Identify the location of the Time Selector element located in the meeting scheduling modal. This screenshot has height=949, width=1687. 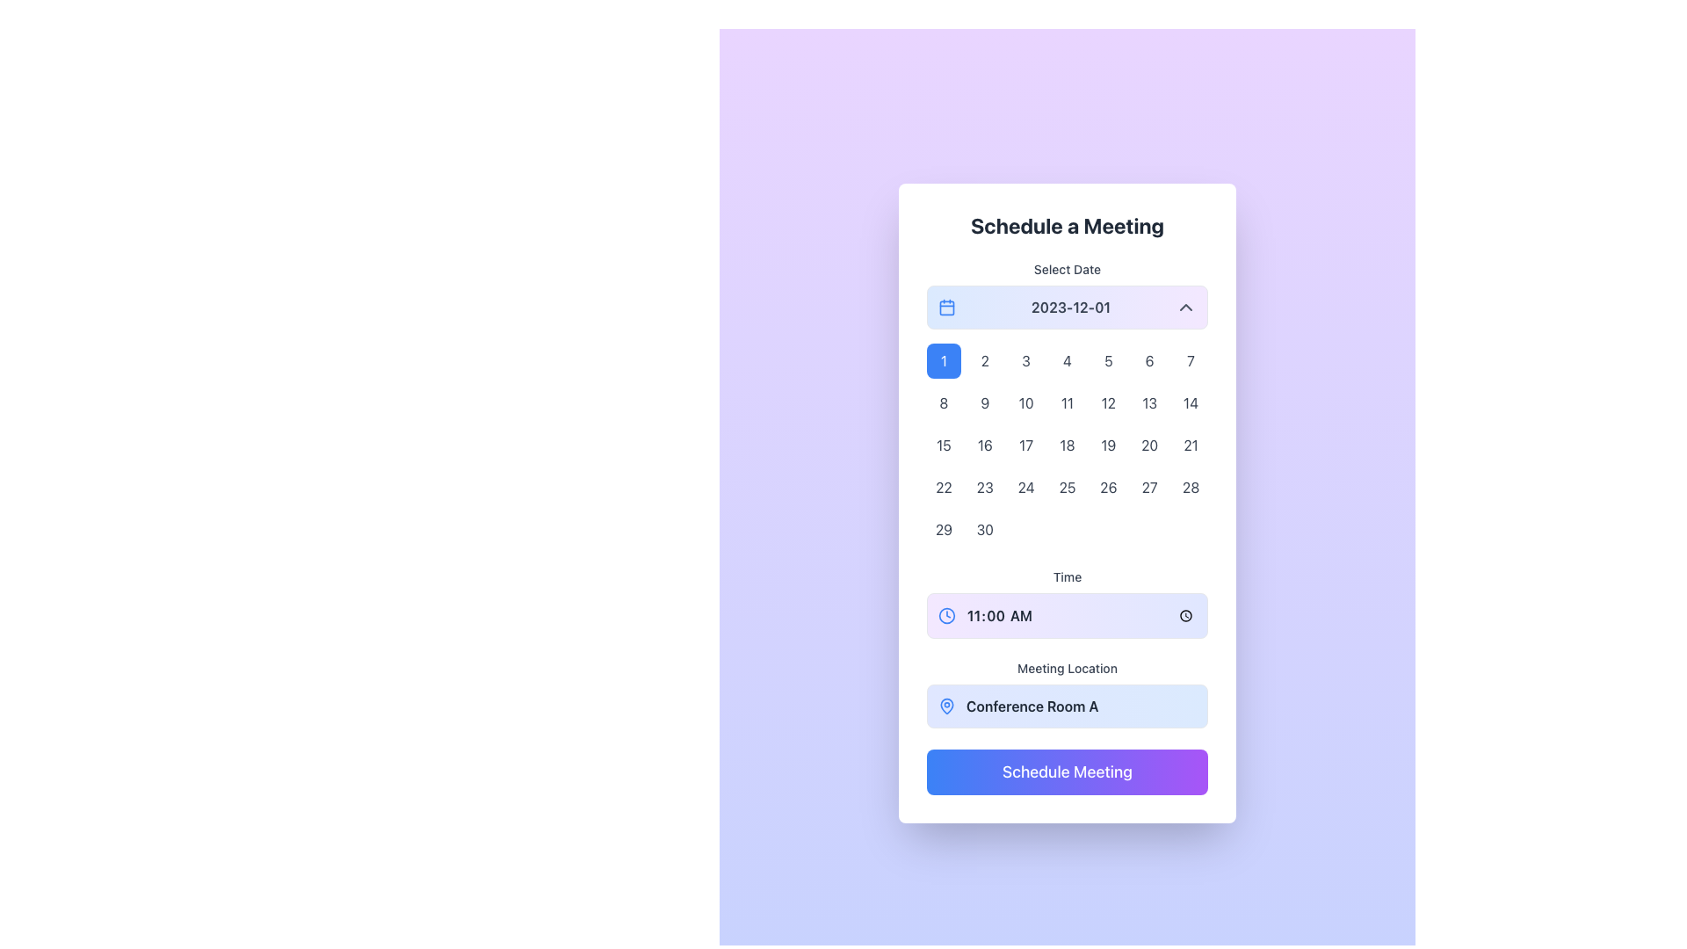
(1066, 602).